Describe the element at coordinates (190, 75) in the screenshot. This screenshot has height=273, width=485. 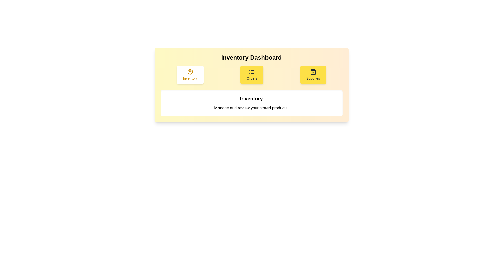
I see `the currently active tab, which is visually highlighted with a white background and yellow text` at that location.